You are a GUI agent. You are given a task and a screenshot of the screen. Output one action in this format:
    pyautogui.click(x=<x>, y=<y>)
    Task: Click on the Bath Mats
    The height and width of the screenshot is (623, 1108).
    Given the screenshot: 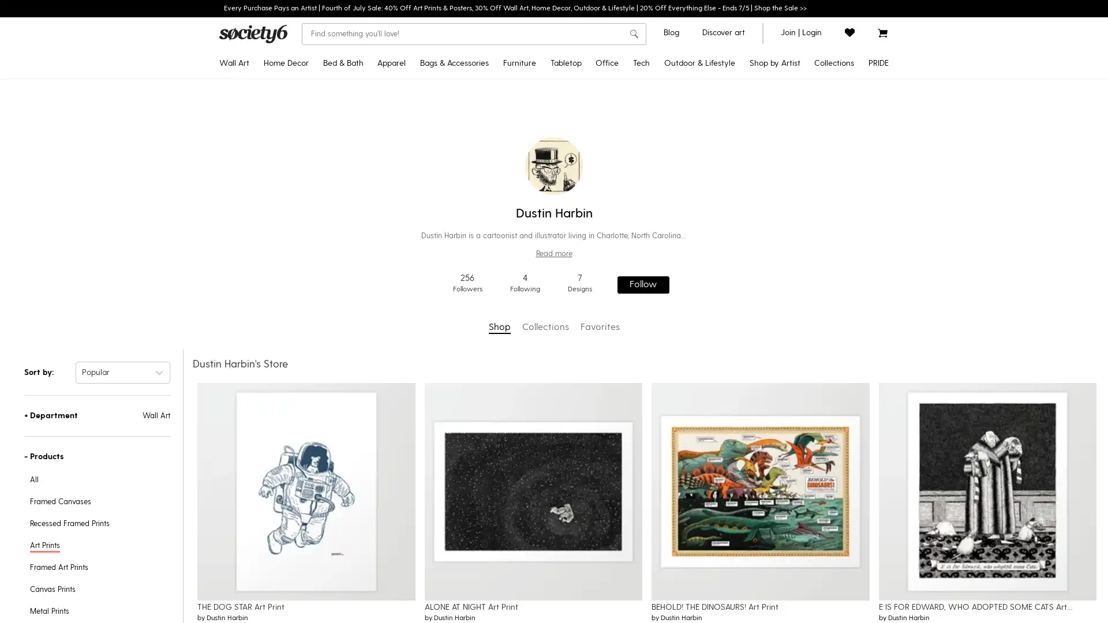 What is the action you would take?
    pyautogui.click(x=368, y=167)
    